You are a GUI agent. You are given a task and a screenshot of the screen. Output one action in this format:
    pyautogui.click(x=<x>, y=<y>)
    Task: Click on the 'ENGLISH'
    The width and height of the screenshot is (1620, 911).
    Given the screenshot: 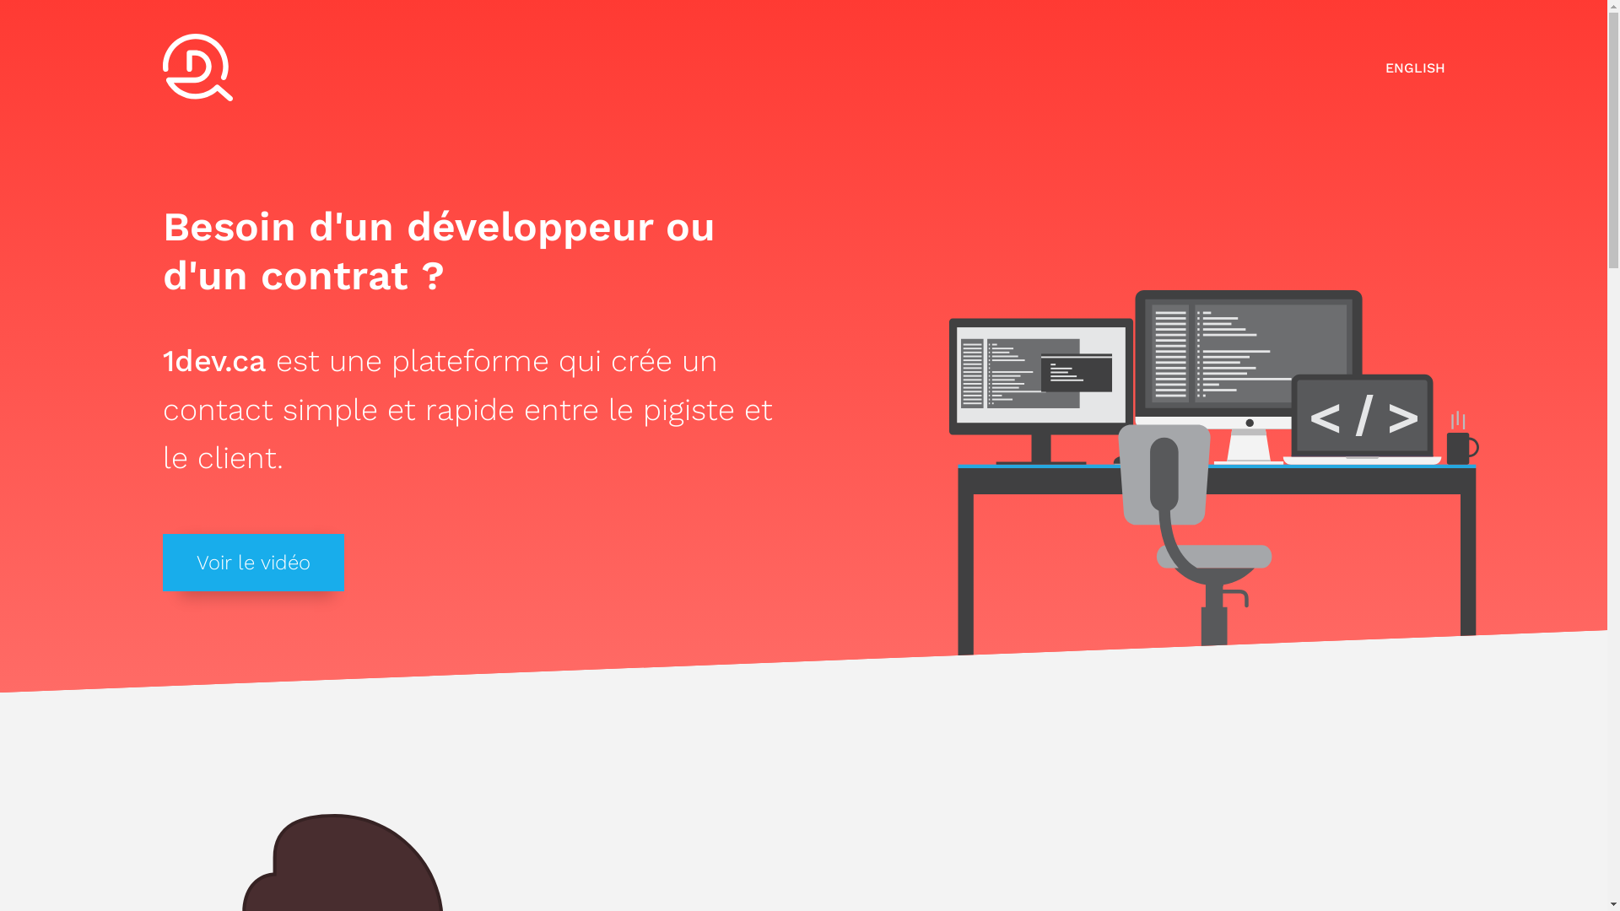 What is the action you would take?
    pyautogui.click(x=1385, y=67)
    